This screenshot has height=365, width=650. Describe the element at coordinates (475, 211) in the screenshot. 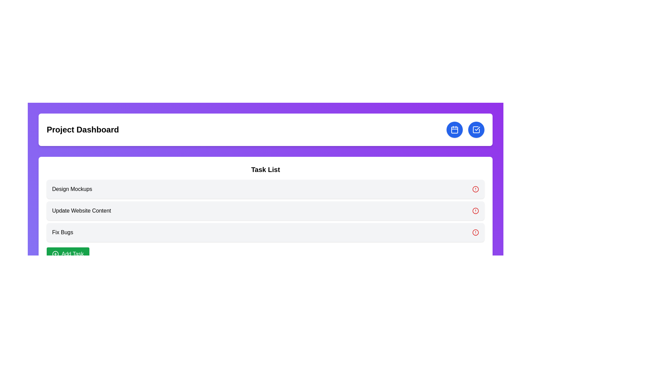

I see `the second icon in the 'Update Website Content' entry of the task list` at that location.